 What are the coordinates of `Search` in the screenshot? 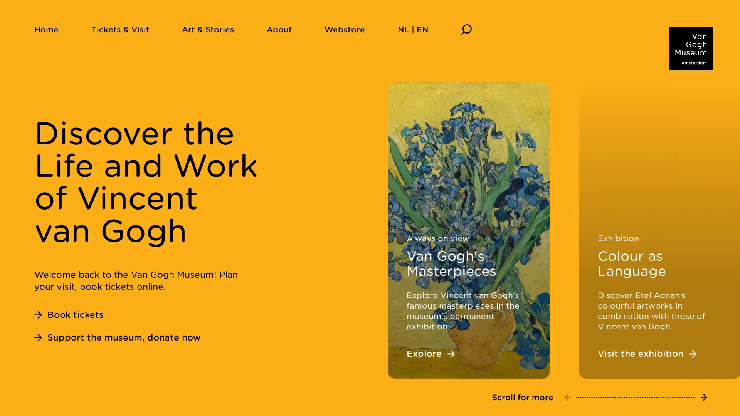 It's located at (466, 29).